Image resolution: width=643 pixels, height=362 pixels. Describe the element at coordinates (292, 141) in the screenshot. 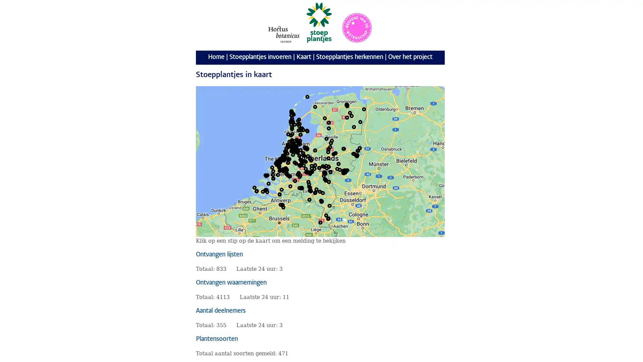

I see `Telling van Hortusfreak op 01 februari 2022` at that location.